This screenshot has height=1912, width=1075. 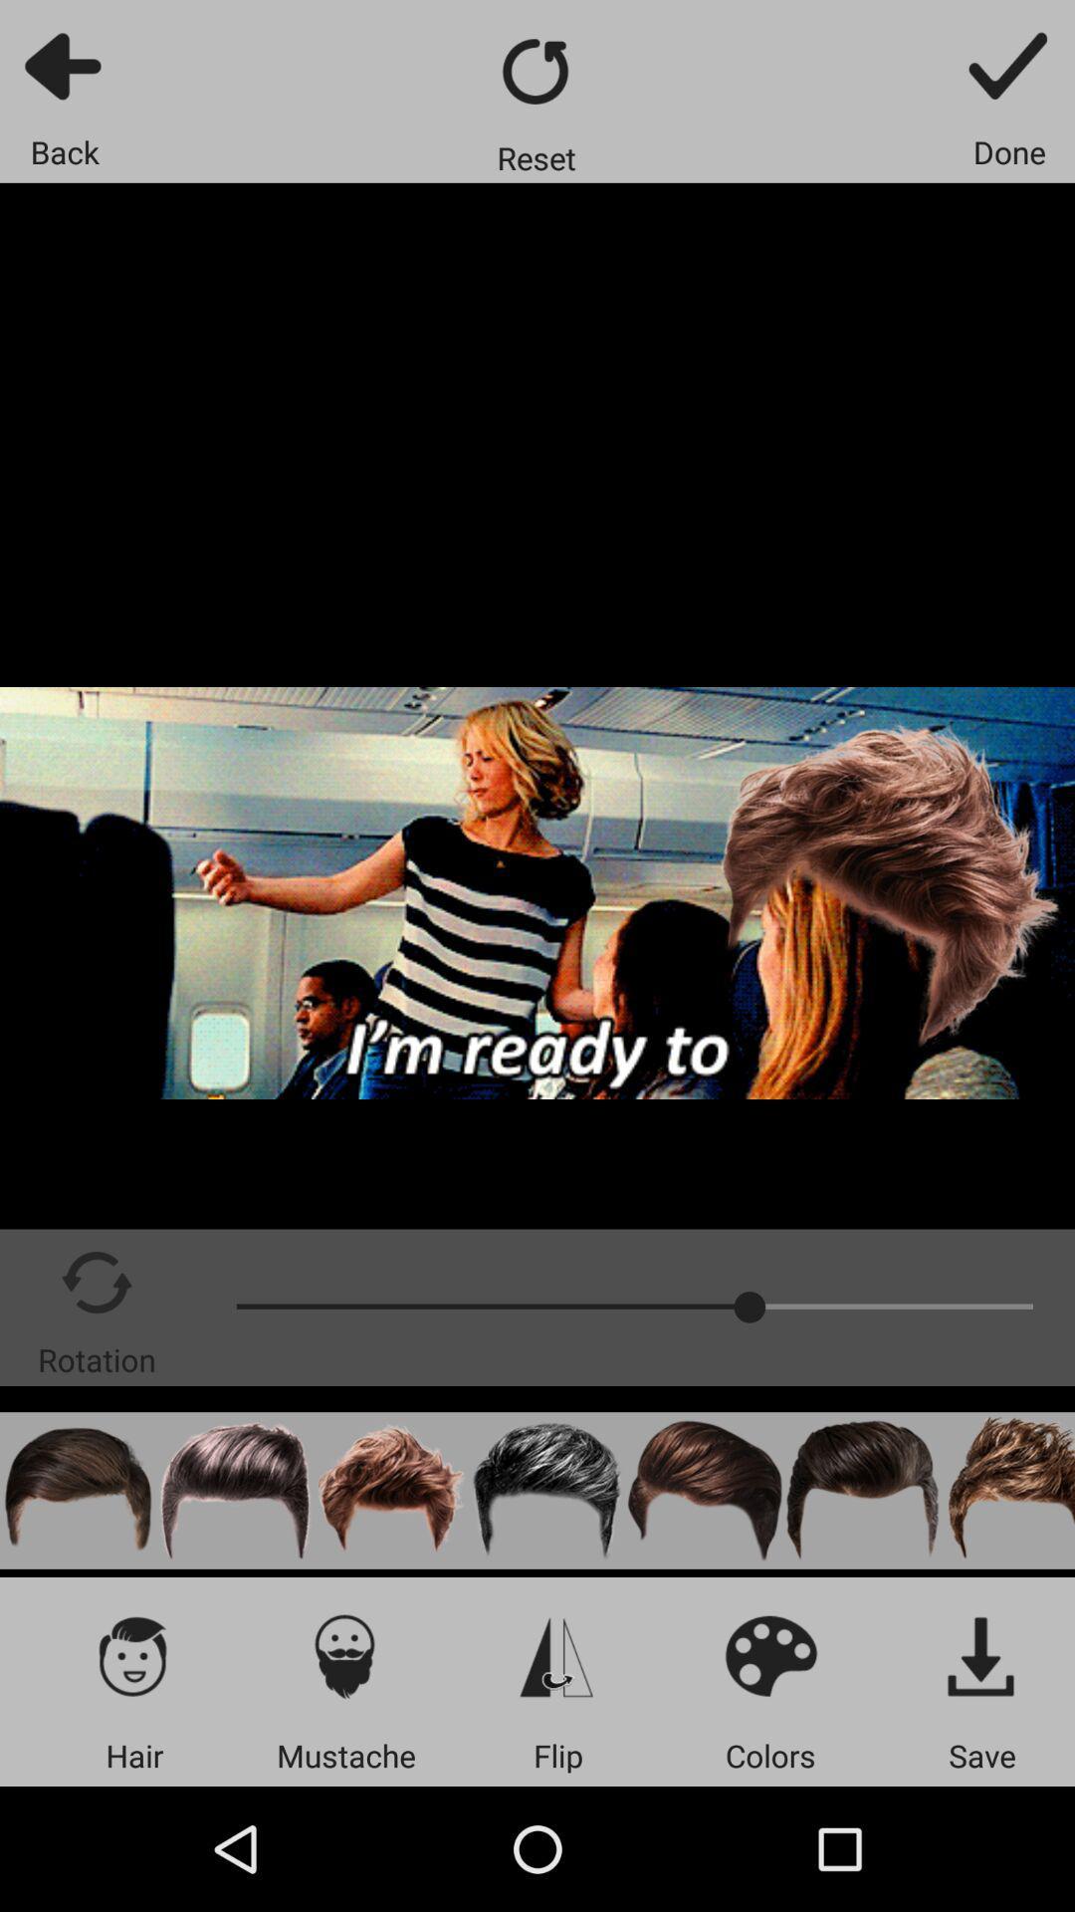 I want to click on change hair style, so click(x=1007, y=1491).